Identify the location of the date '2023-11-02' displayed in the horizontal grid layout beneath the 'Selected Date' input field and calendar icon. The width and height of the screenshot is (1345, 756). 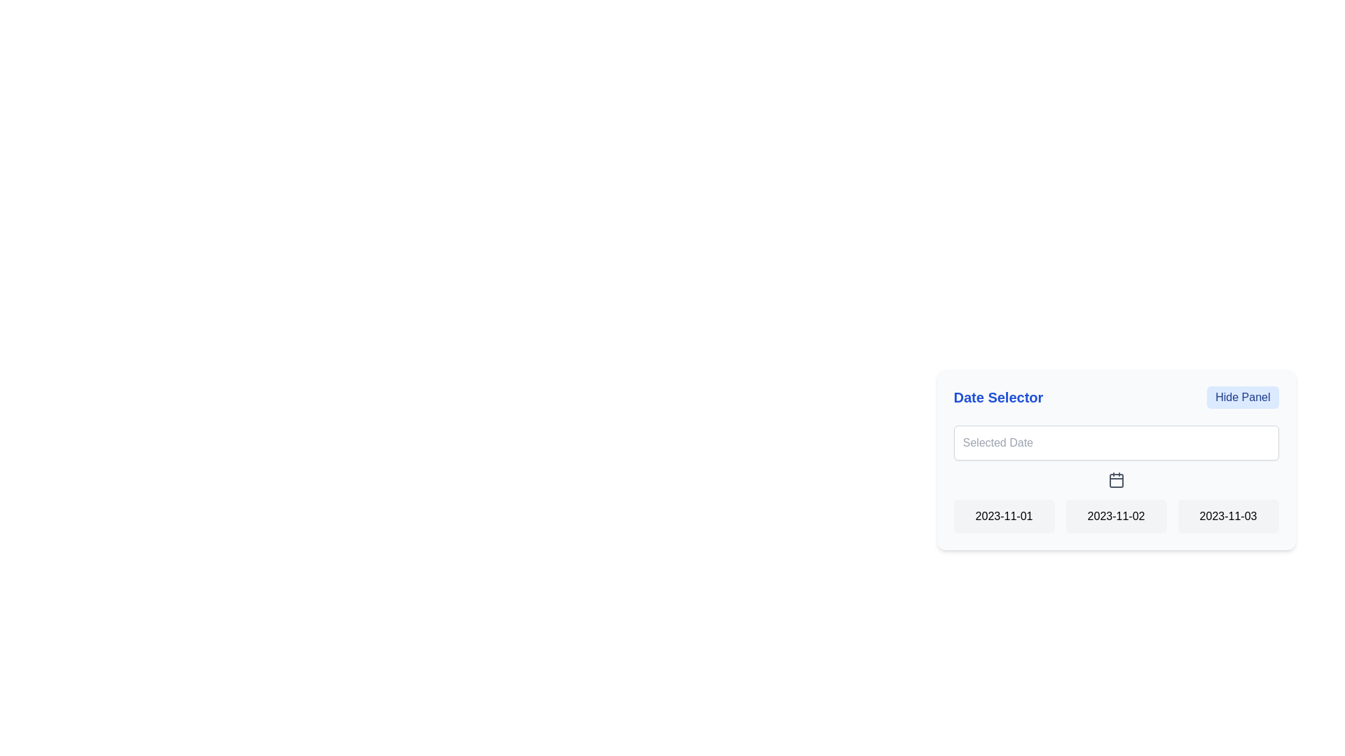
(1115, 516).